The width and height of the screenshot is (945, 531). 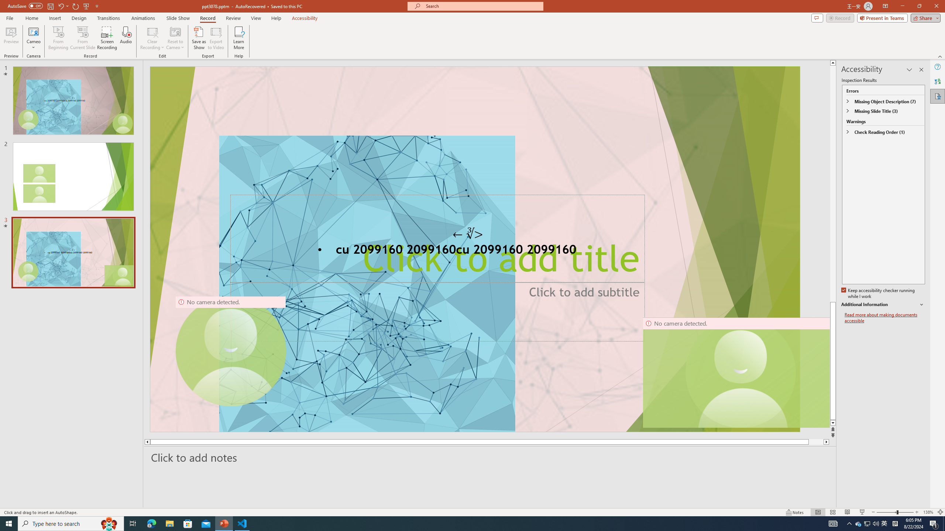 What do you see at coordinates (740, 372) in the screenshot?
I see `'Camera 11, No camera detected.'` at bounding box center [740, 372].